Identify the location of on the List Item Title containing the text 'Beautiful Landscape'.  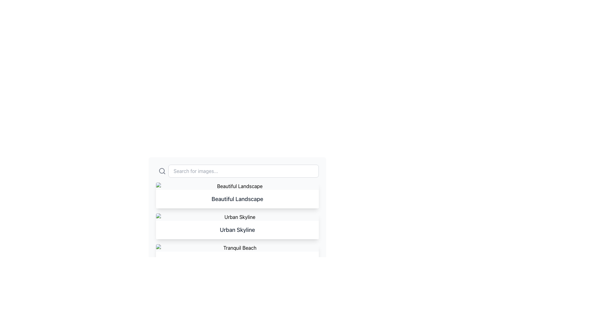
(237, 203).